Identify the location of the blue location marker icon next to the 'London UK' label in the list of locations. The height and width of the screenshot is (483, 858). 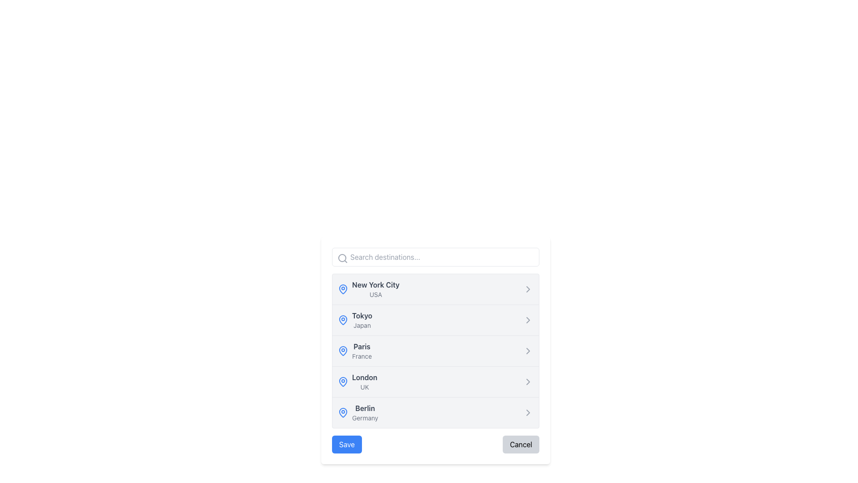
(343, 381).